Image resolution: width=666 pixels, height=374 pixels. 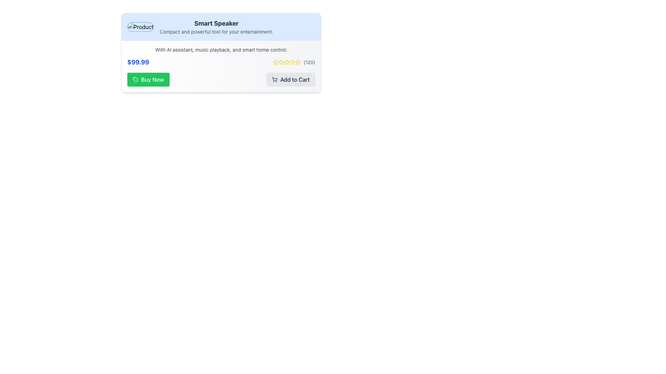 I want to click on the first yellow star icon indicating a rating, so click(x=275, y=62).